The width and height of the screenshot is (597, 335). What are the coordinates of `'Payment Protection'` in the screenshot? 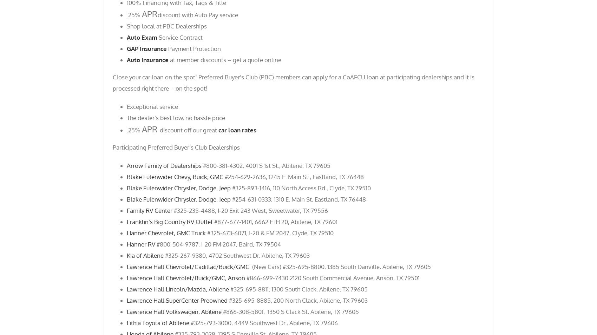 It's located at (193, 48).